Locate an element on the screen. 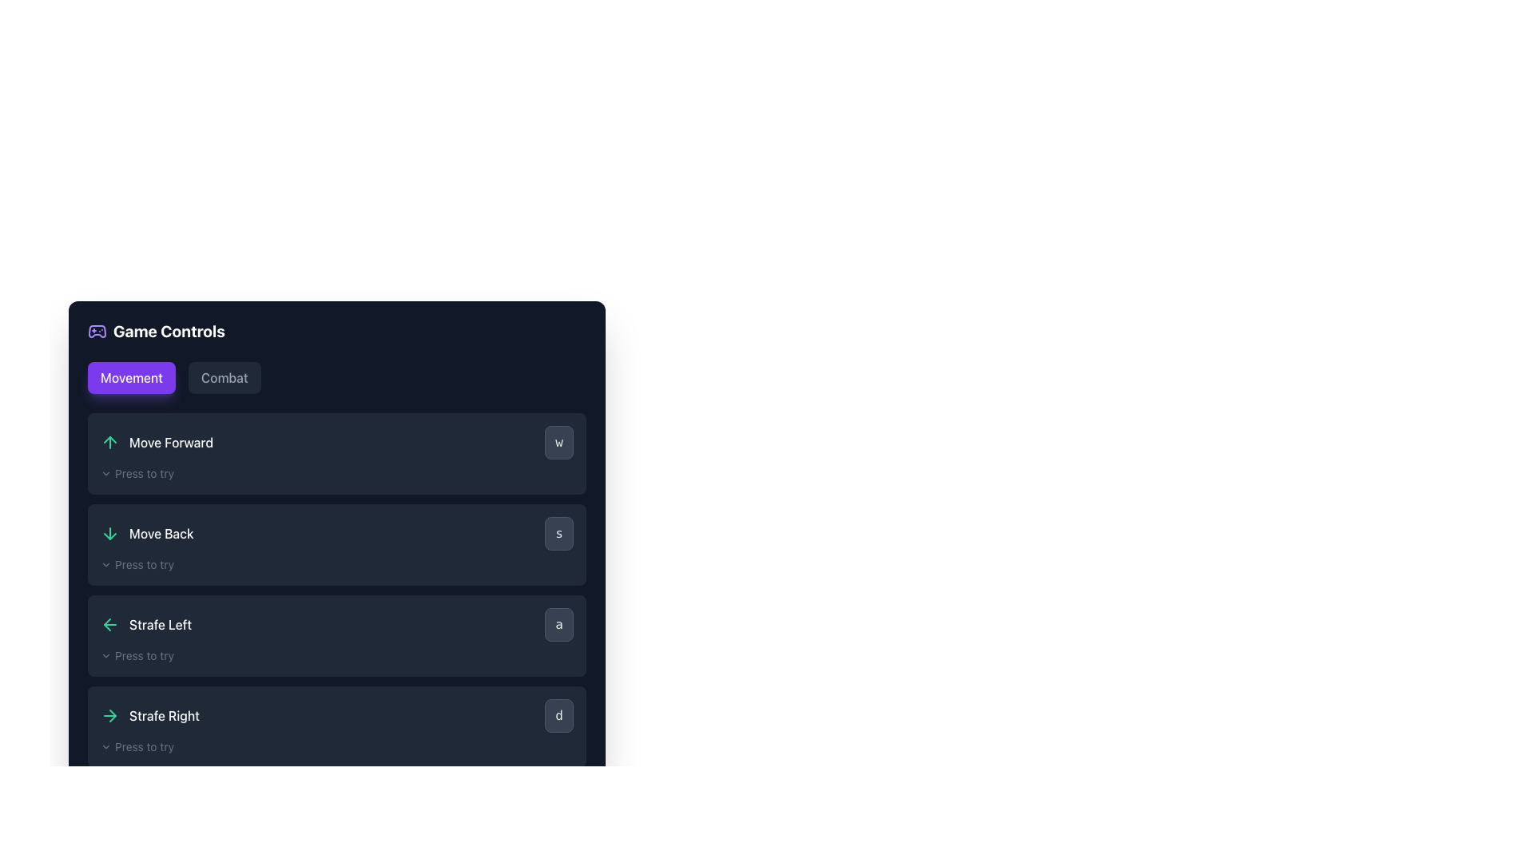 The image size is (1534, 863). the 'Move Back' text label, which is the second item in the 'Game Controls' list under the 'Movement' section and is styled with a white font on a dark background is located at coordinates (161, 533).